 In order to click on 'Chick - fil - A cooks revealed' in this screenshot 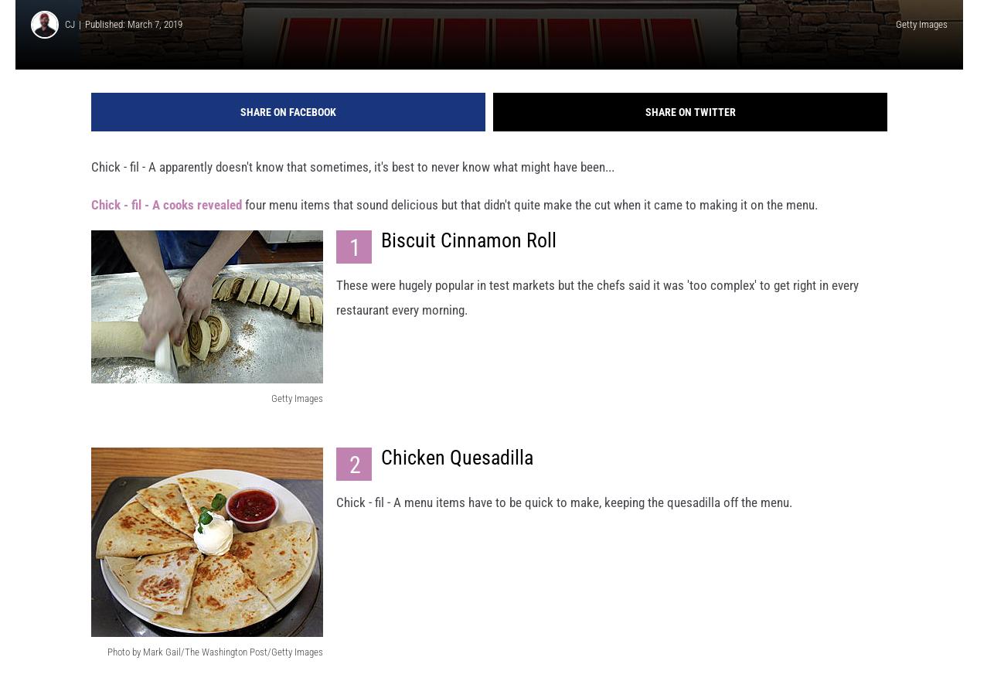, I will do `click(166, 217)`.